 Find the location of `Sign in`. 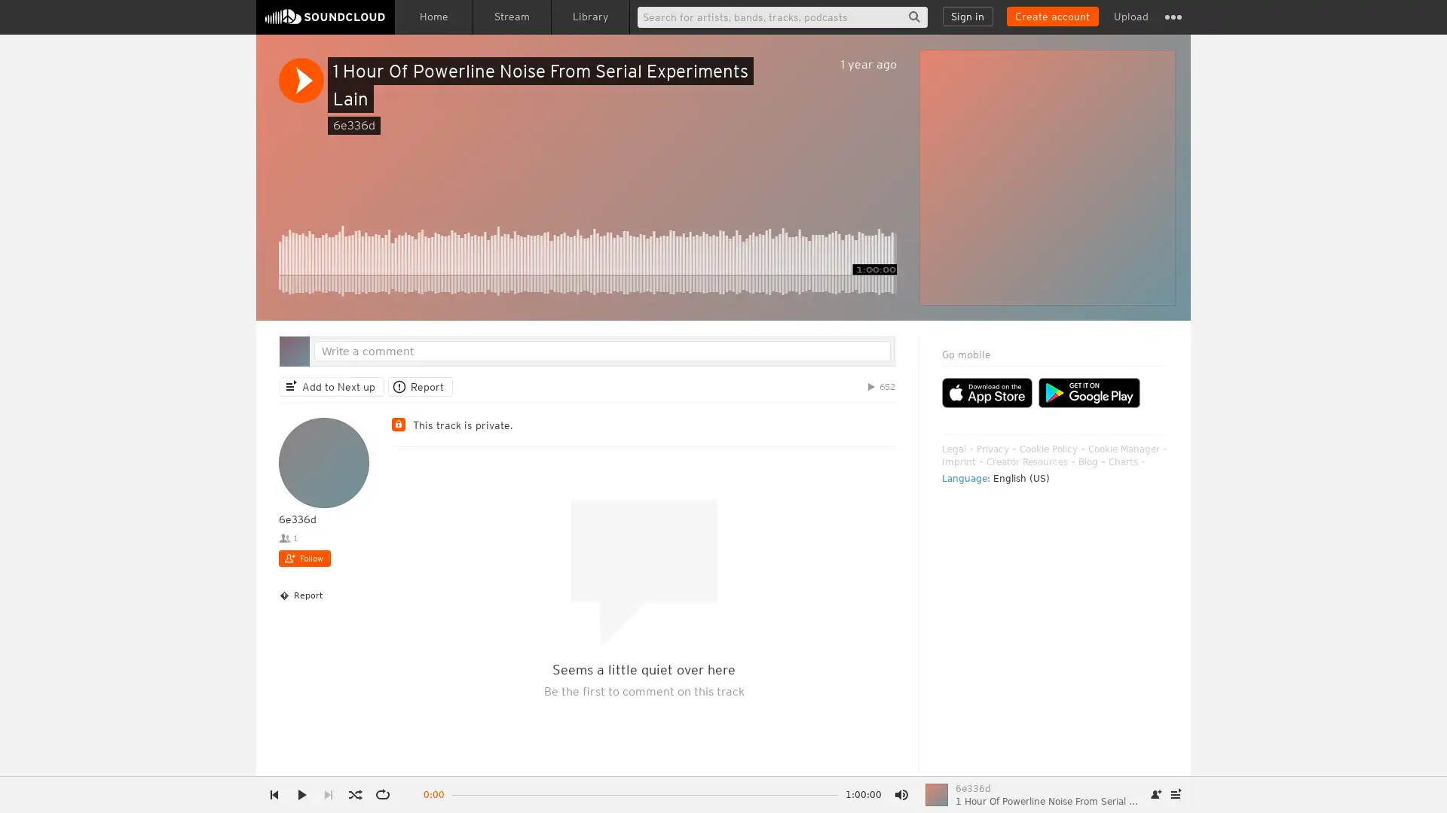

Sign in is located at coordinates (968, 17).